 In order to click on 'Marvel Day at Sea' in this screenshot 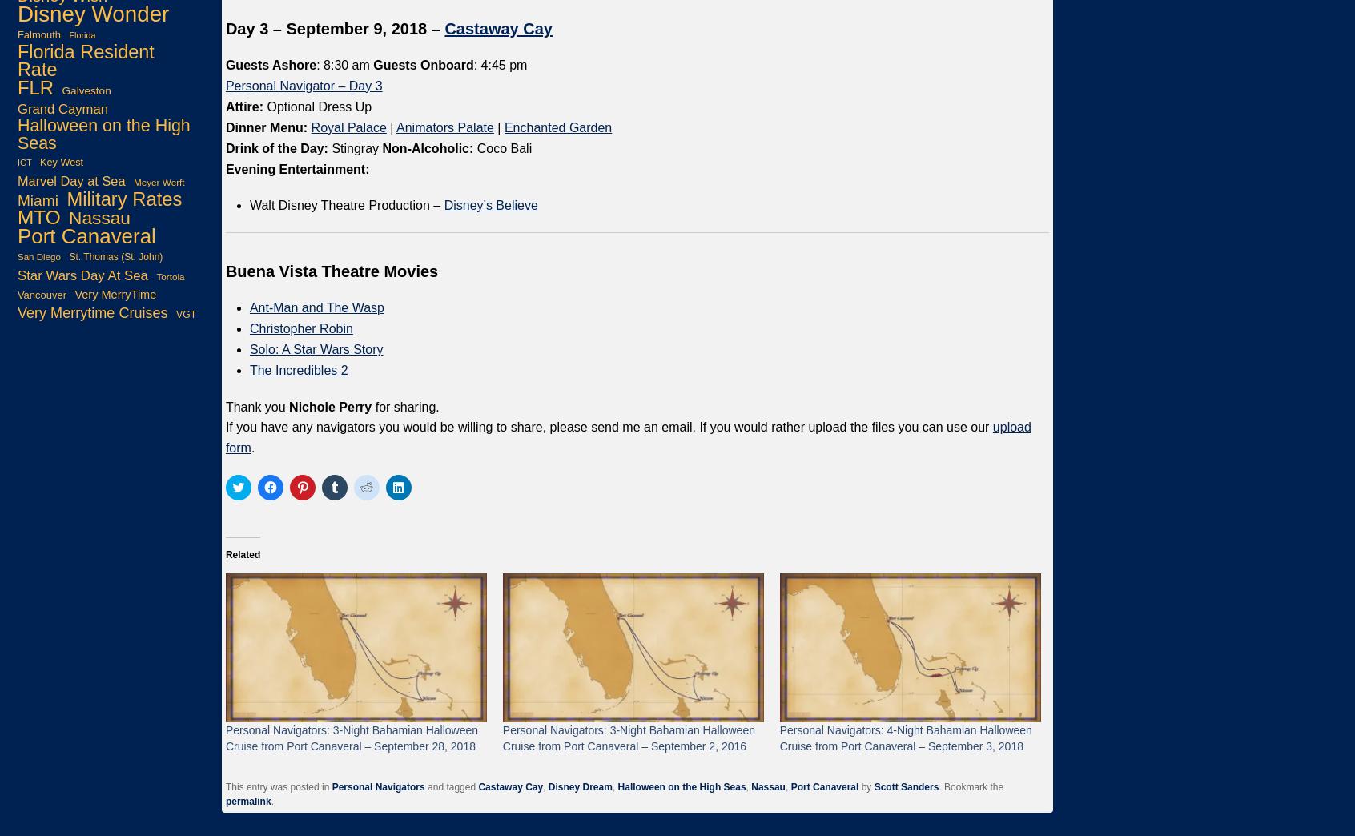, I will do `click(70, 179)`.